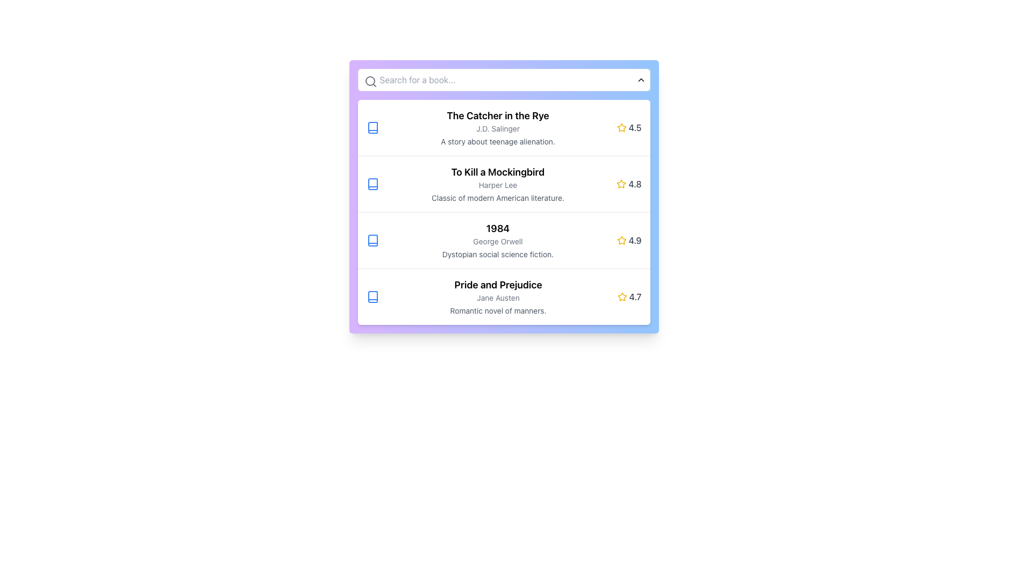  Describe the element at coordinates (497, 141) in the screenshot. I see `the plain text snippet reading 'A story about teenage alienation.' located under the title 'The Catcher in the Rye' and the author 'J.D. Salinger.'` at that location.